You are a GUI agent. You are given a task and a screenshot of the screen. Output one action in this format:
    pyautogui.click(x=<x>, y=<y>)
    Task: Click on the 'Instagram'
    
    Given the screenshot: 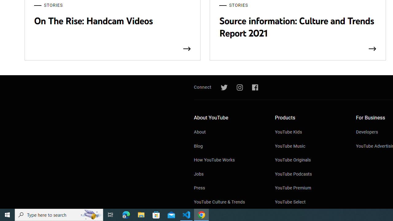 What is the action you would take?
    pyautogui.click(x=239, y=87)
    